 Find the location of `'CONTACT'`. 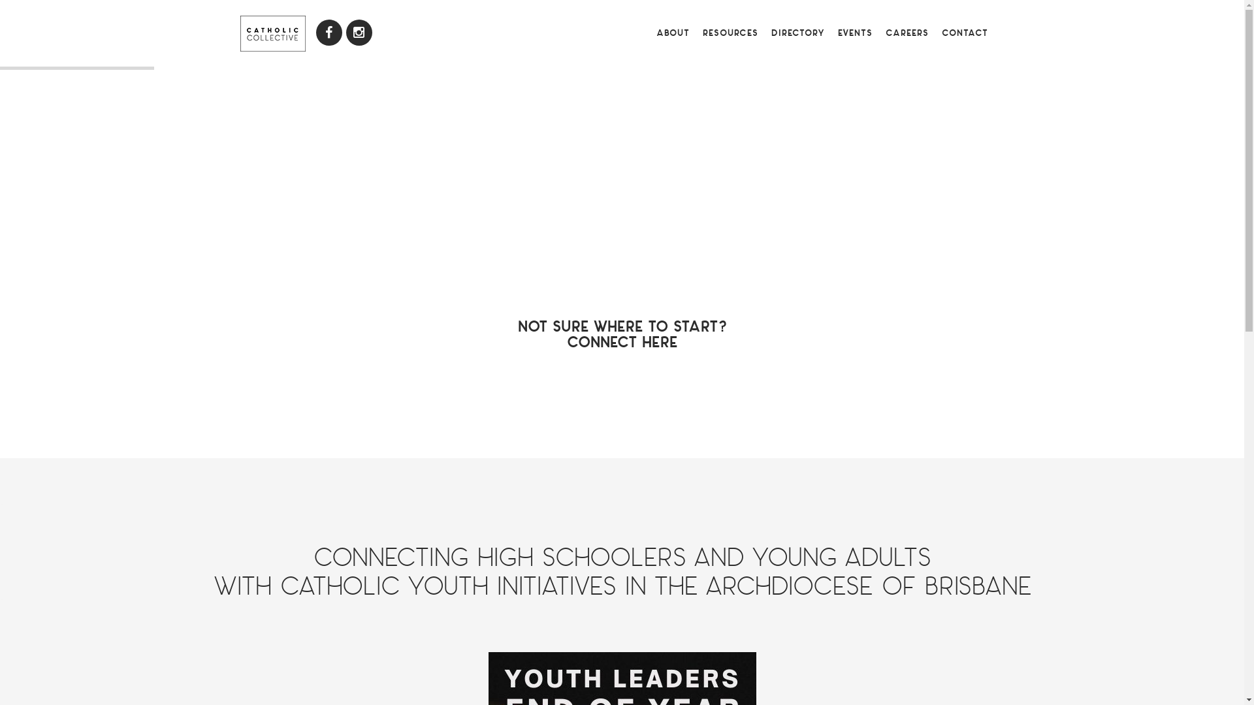

'CONTACT' is located at coordinates (965, 32).